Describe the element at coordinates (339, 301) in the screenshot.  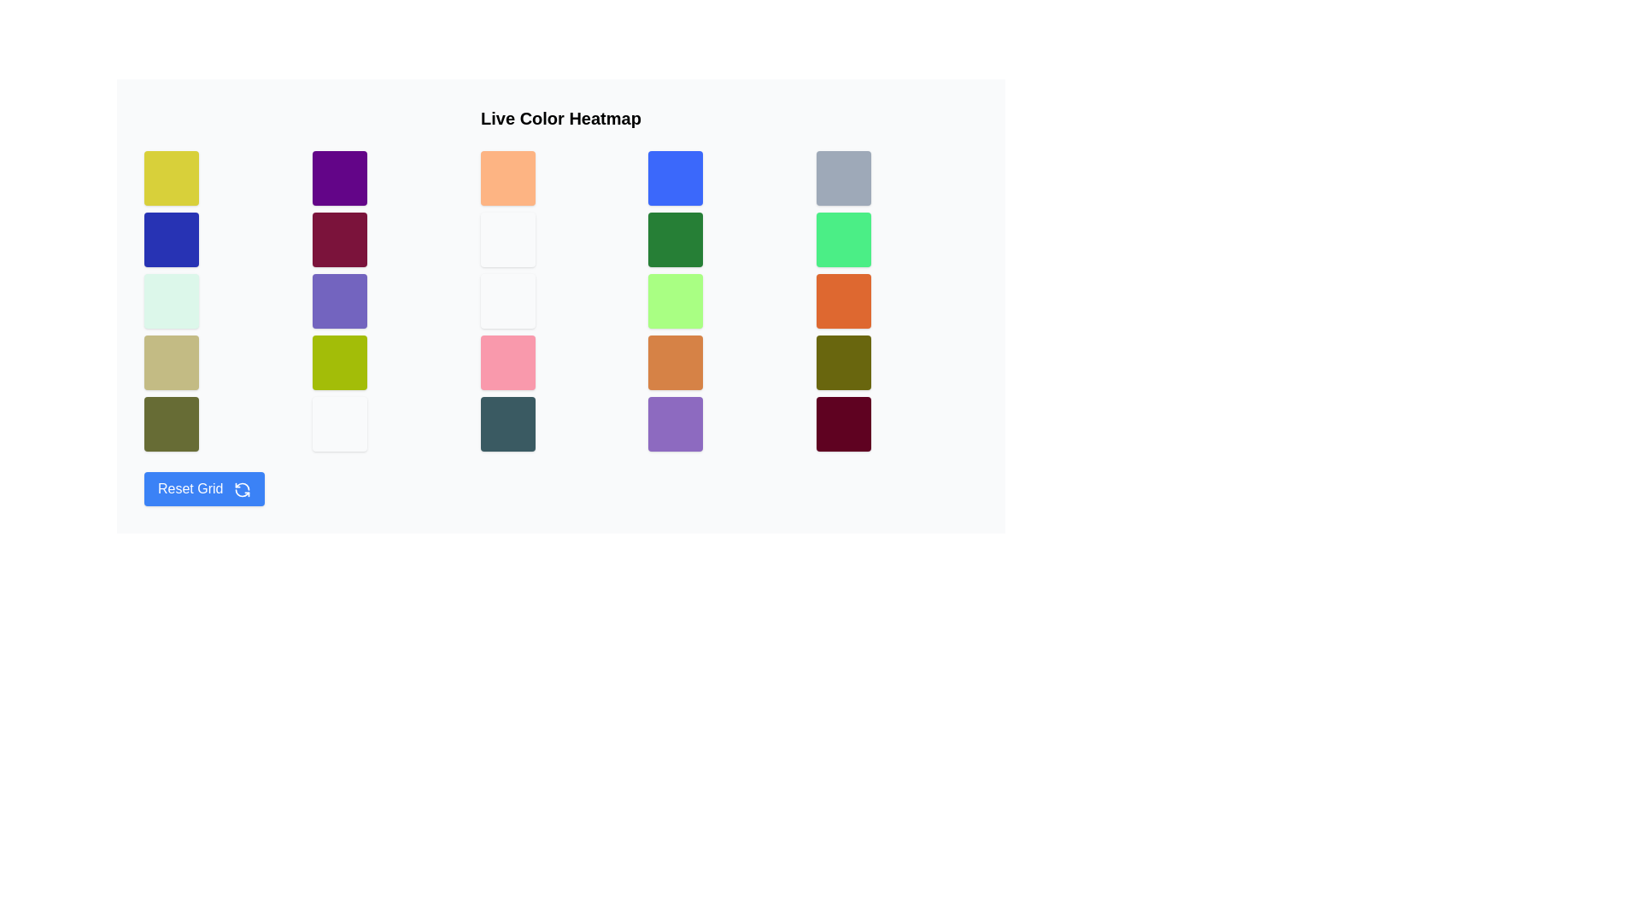
I see `the visual block located in the third column and third row of the grid layout, which is part of an interactive heatmap design` at that location.